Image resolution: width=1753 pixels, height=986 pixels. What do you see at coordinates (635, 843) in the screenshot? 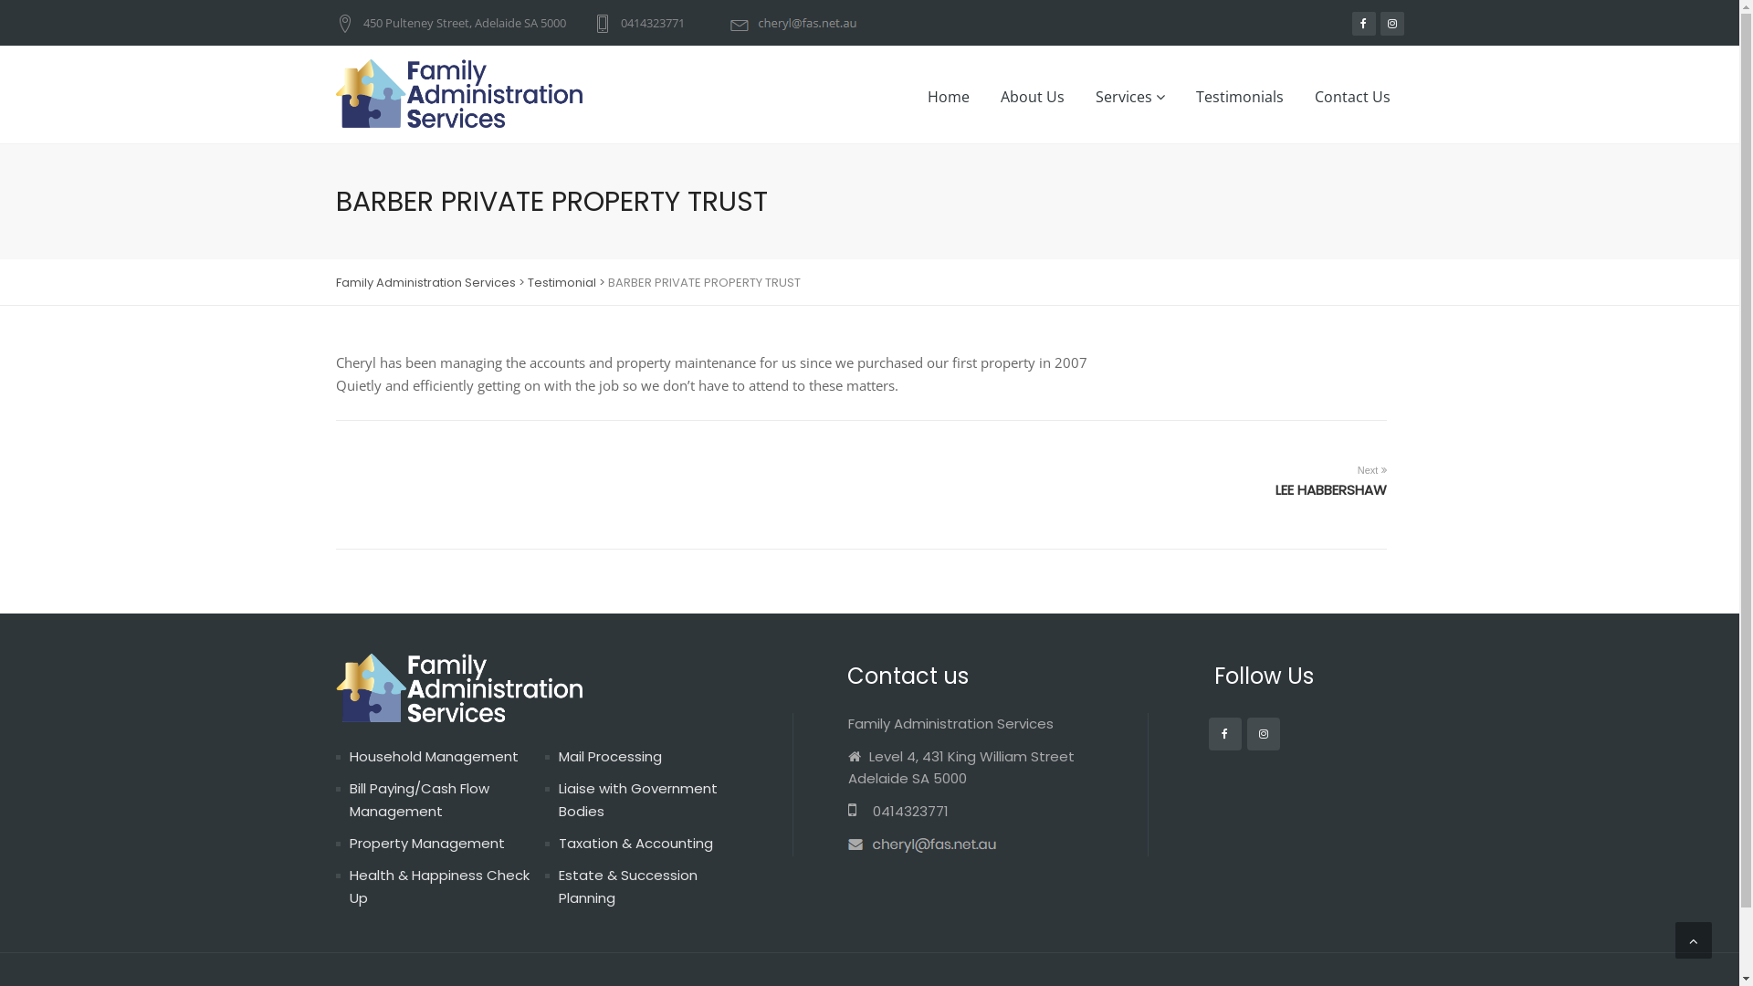
I see `'Taxation & Accounting'` at bounding box center [635, 843].